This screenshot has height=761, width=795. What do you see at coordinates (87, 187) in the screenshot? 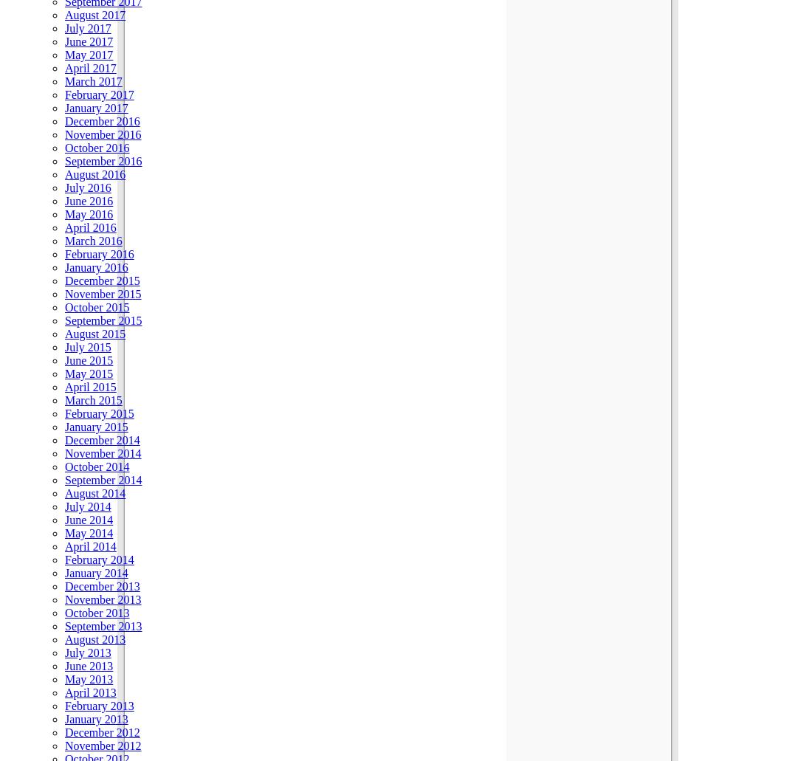
I see `'July 2016'` at bounding box center [87, 187].